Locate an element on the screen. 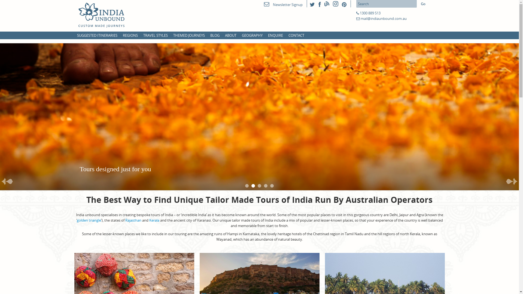  'BLOG' is located at coordinates (214, 35).